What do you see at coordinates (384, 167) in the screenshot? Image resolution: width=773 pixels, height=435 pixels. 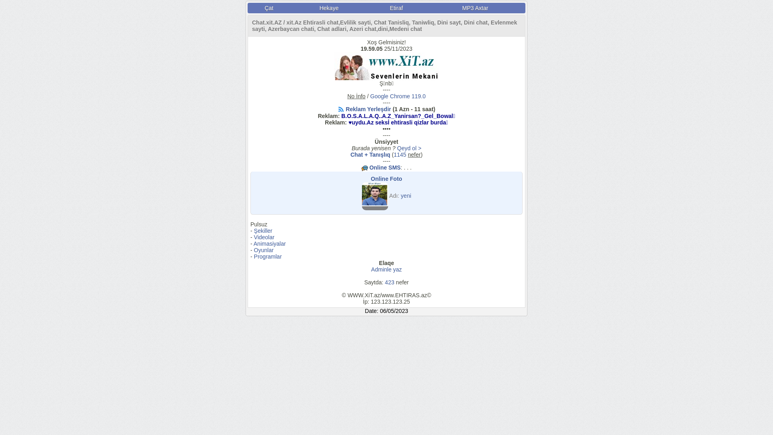 I see `'Online SMS'` at bounding box center [384, 167].